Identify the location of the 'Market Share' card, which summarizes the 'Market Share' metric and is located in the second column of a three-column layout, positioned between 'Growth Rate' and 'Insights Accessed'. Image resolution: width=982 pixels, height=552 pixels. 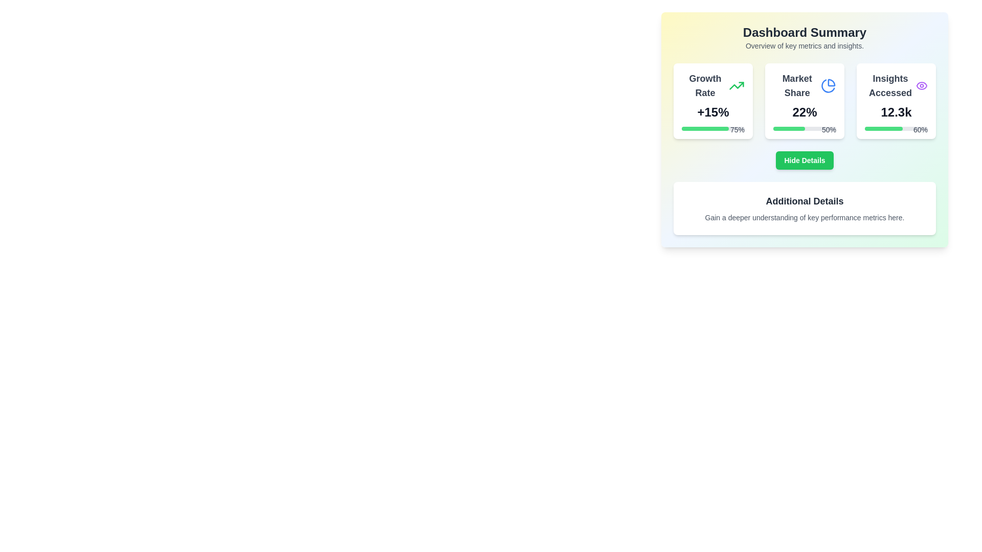
(804, 101).